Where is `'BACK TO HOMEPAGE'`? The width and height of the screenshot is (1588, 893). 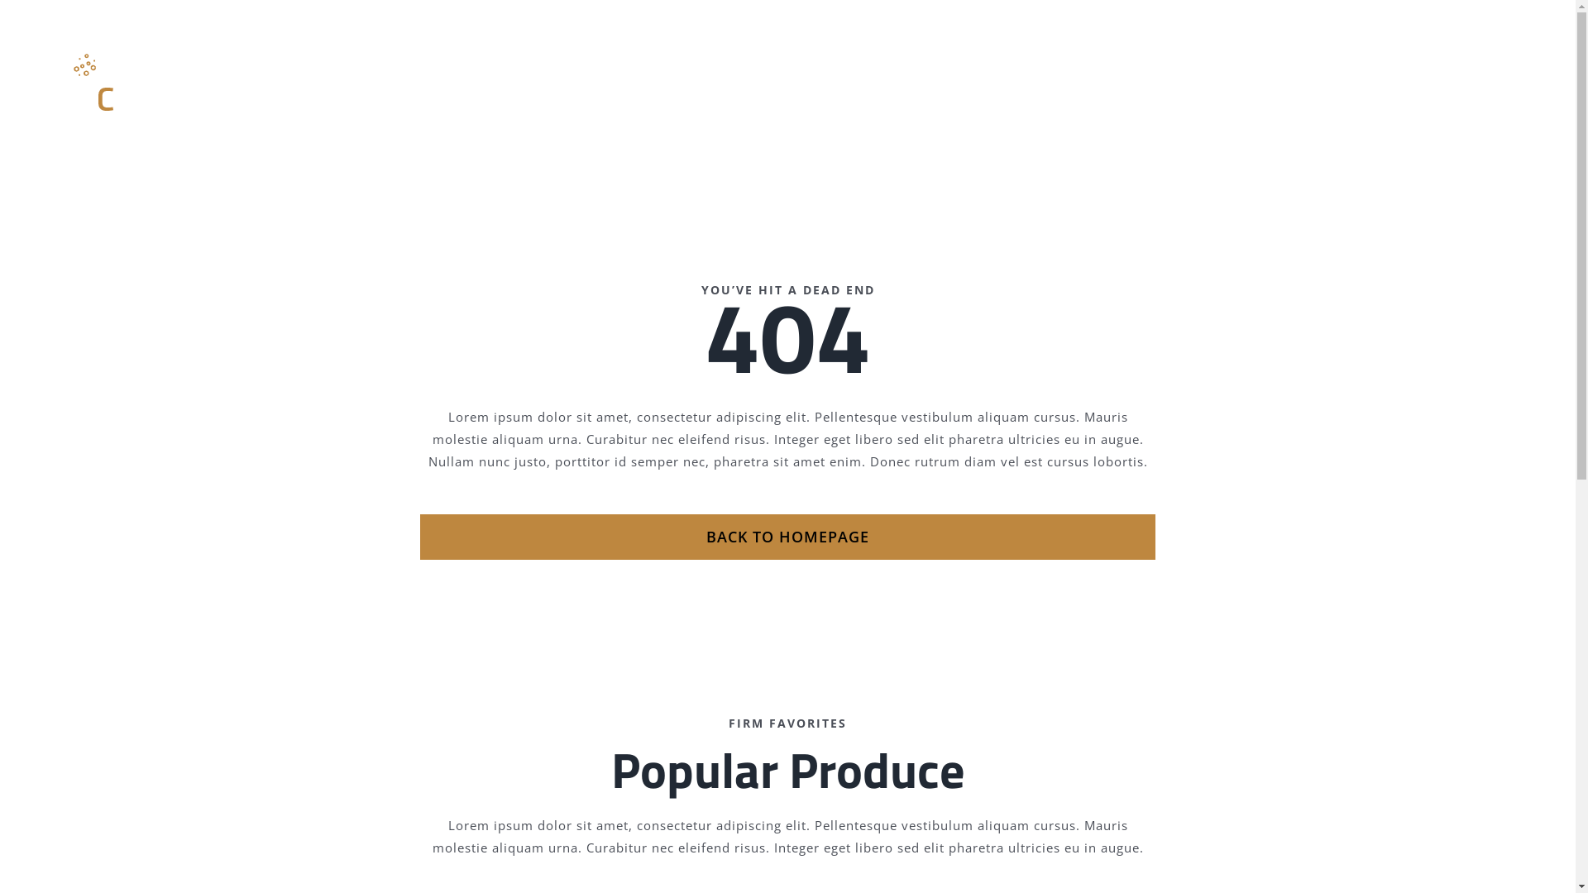 'BACK TO HOMEPAGE' is located at coordinates (786, 537).